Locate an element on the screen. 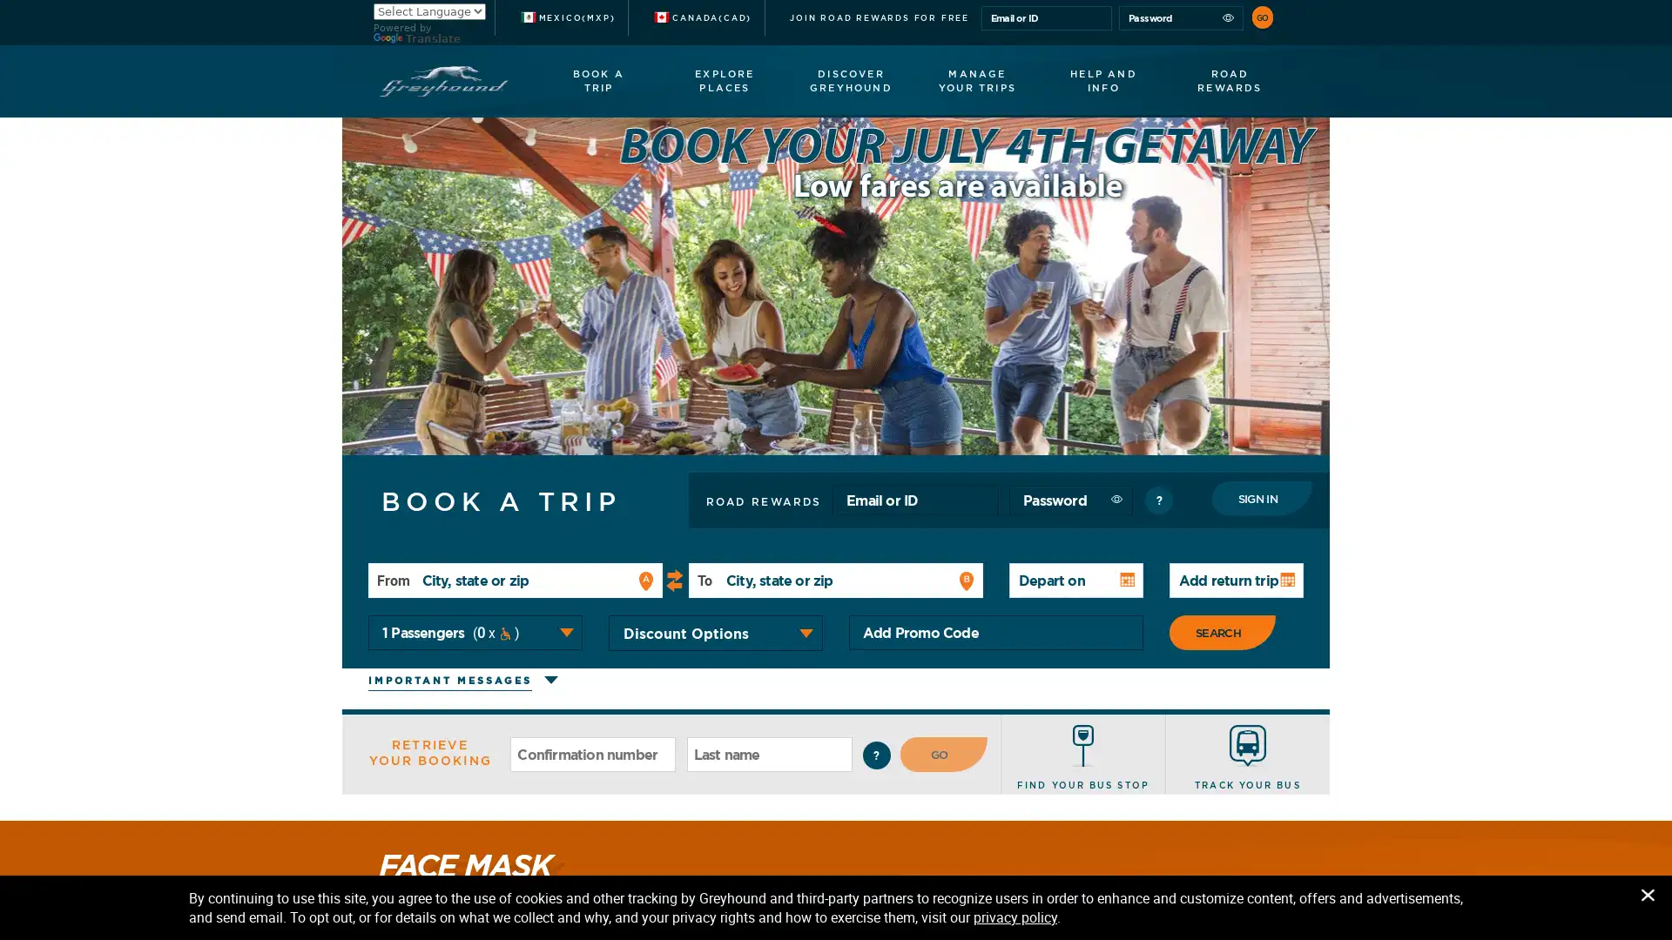 Image resolution: width=1672 pixels, height=940 pixels. GO is located at coordinates (942, 754).